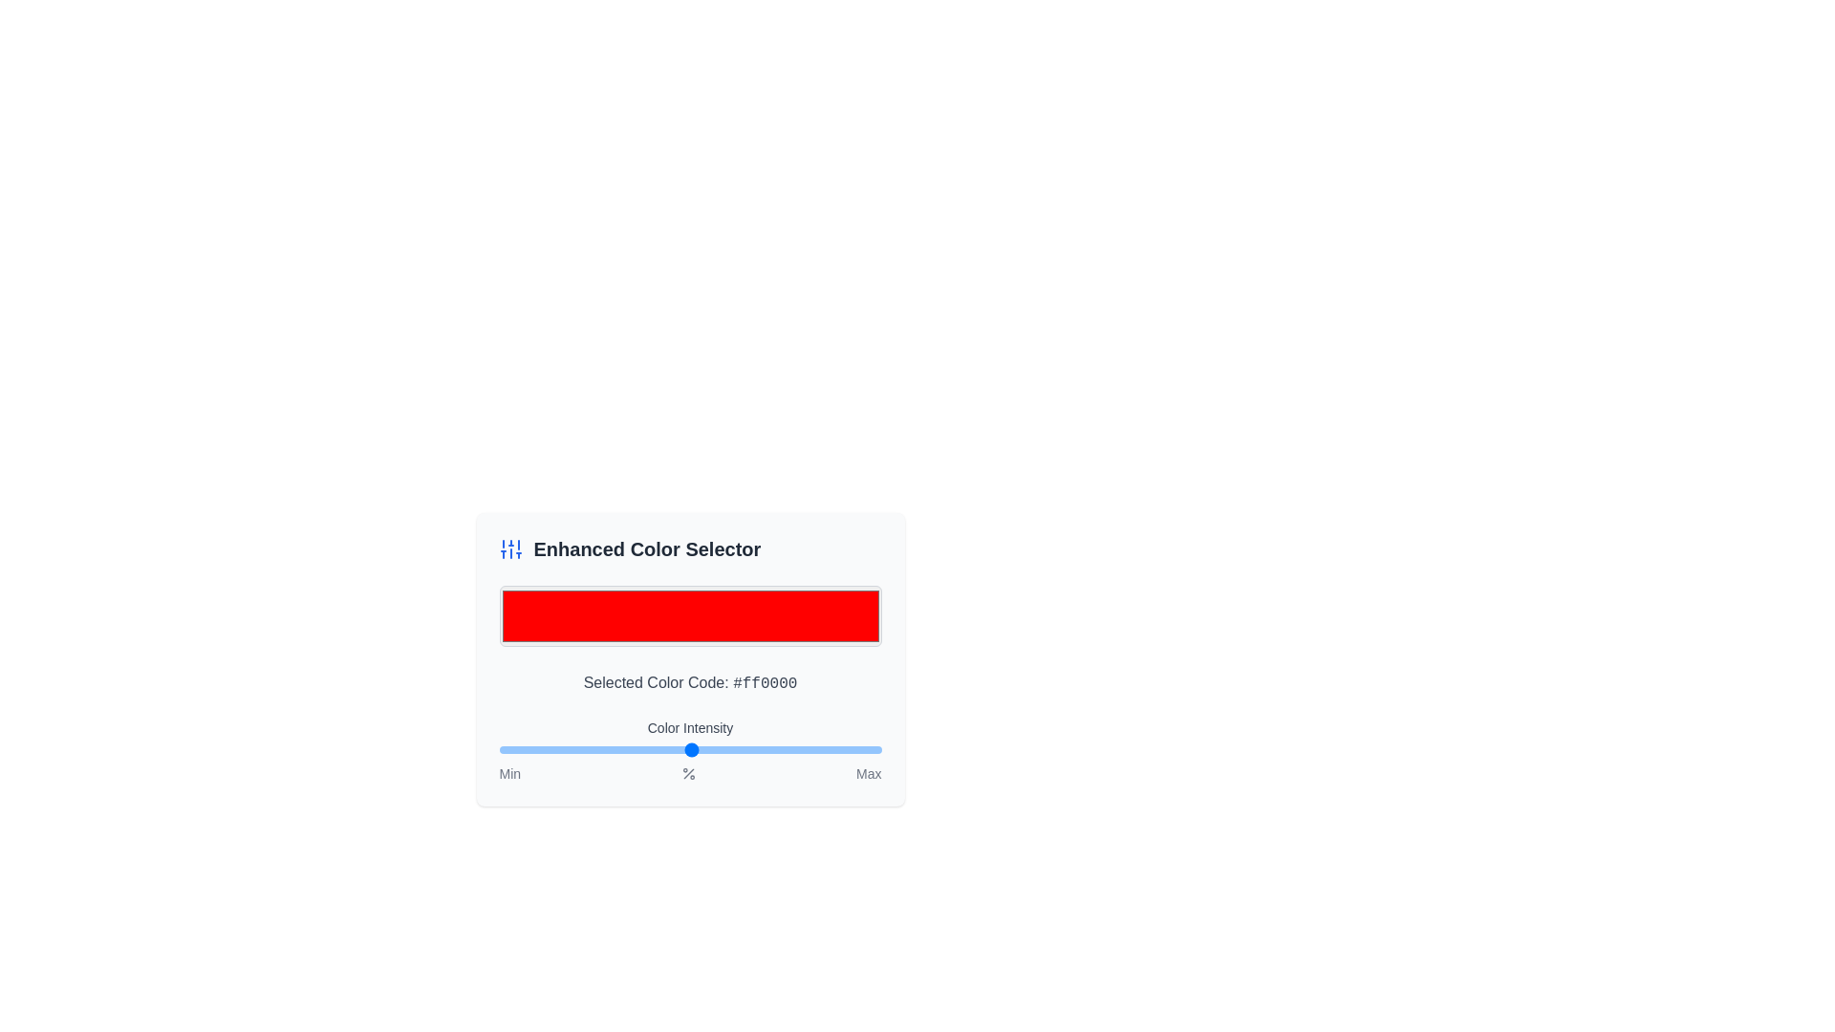 The height and width of the screenshot is (1032, 1835). What do you see at coordinates (661, 749) in the screenshot?
I see `the slider value` at bounding box center [661, 749].